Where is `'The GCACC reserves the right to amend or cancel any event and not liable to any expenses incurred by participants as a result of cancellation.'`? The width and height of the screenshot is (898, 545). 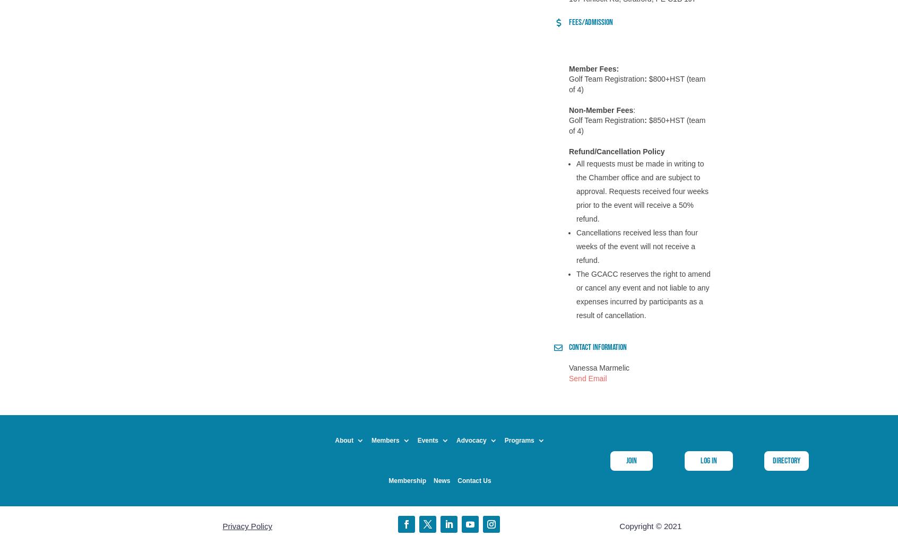 'The GCACC reserves the right to amend or cancel any event and not liable to any expenses incurred by participants as a result of cancellation.' is located at coordinates (643, 295).